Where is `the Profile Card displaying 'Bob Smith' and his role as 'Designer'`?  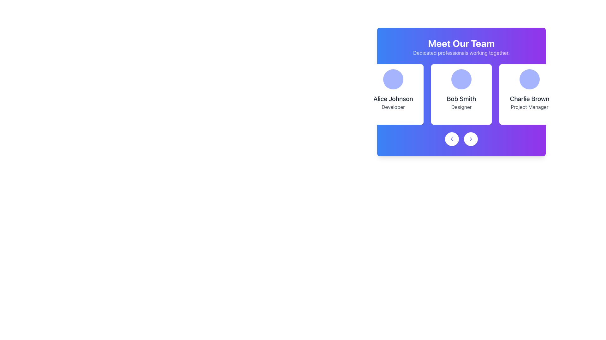
the Profile Card displaying 'Bob Smith' and his role as 'Designer' is located at coordinates (461, 94).